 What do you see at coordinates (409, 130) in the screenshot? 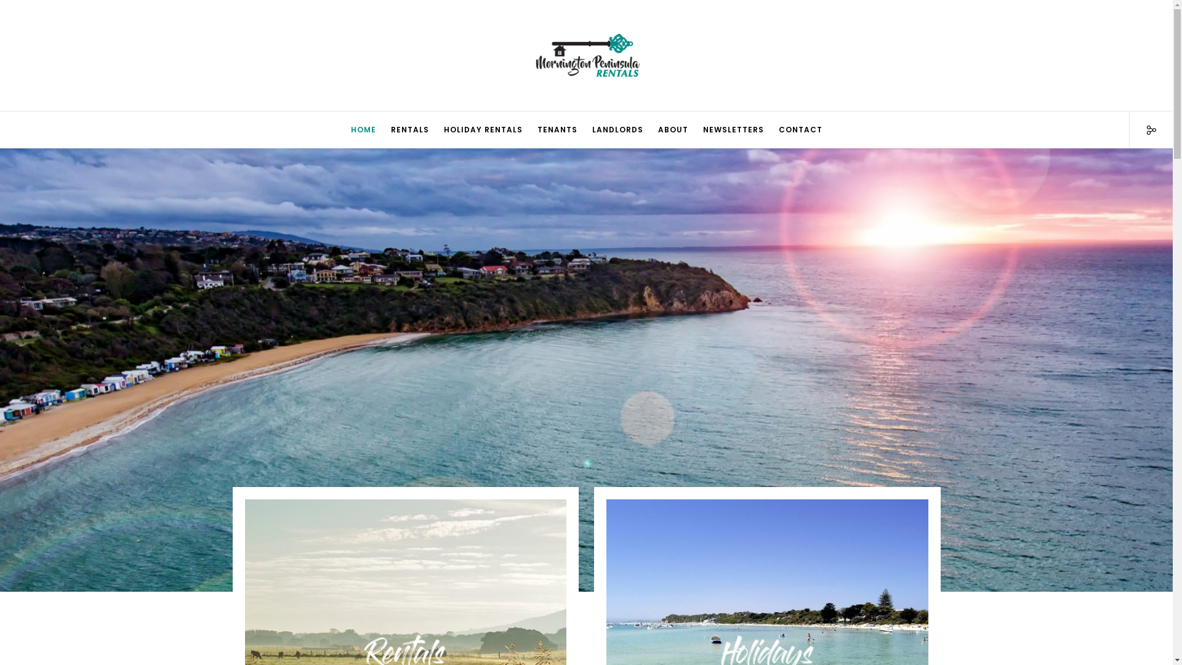
I see `'RENTALS'` at bounding box center [409, 130].